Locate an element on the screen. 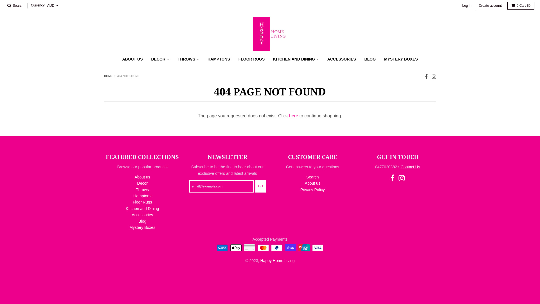 This screenshot has height=304, width=540. 'ABOUT US' is located at coordinates (132, 59).